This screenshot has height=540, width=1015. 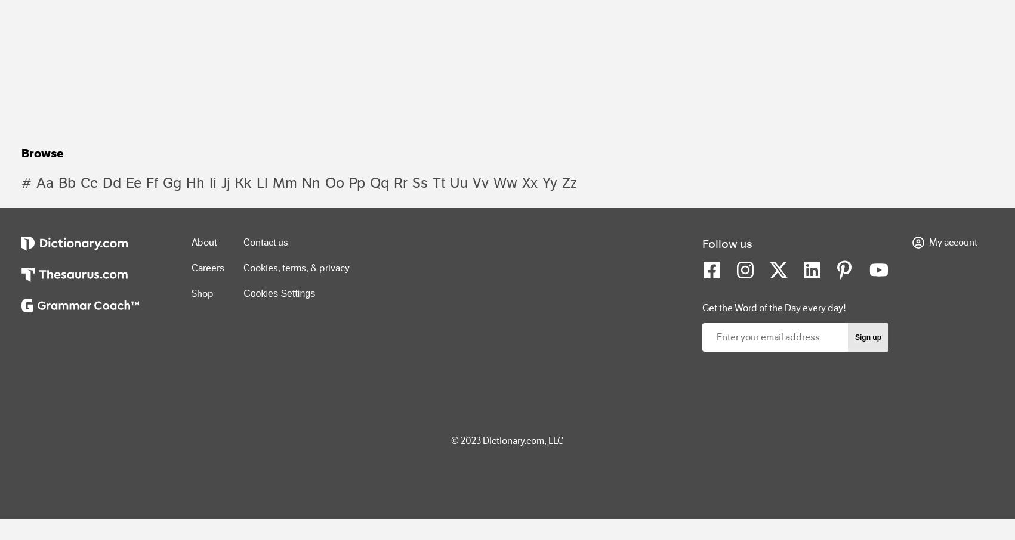 What do you see at coordinates (302, 181) in the screenshot?
I see `'nn'` at bounding box center [302, 181].